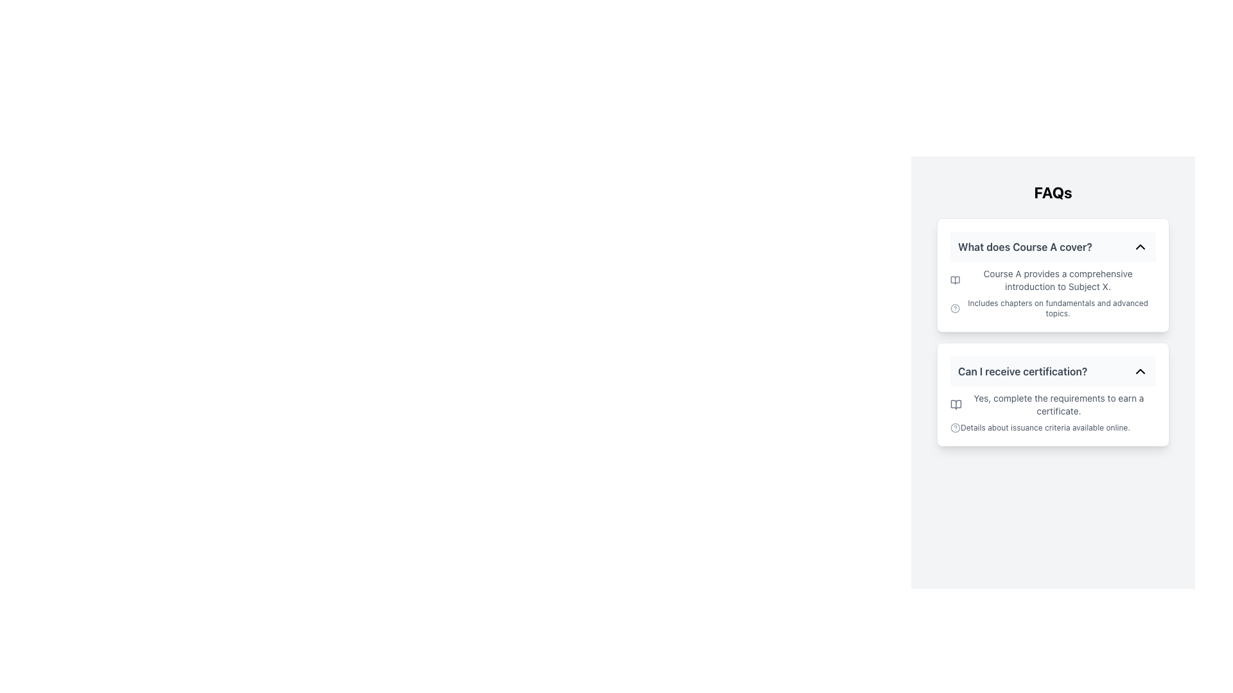 Image resolution: width=1233 pixels, height=693 pixels. Describe the element at coordinates (1024, 247) in the screenshot. I see `the question header text label in the FAQ section, located above the chevron icon` at that location.